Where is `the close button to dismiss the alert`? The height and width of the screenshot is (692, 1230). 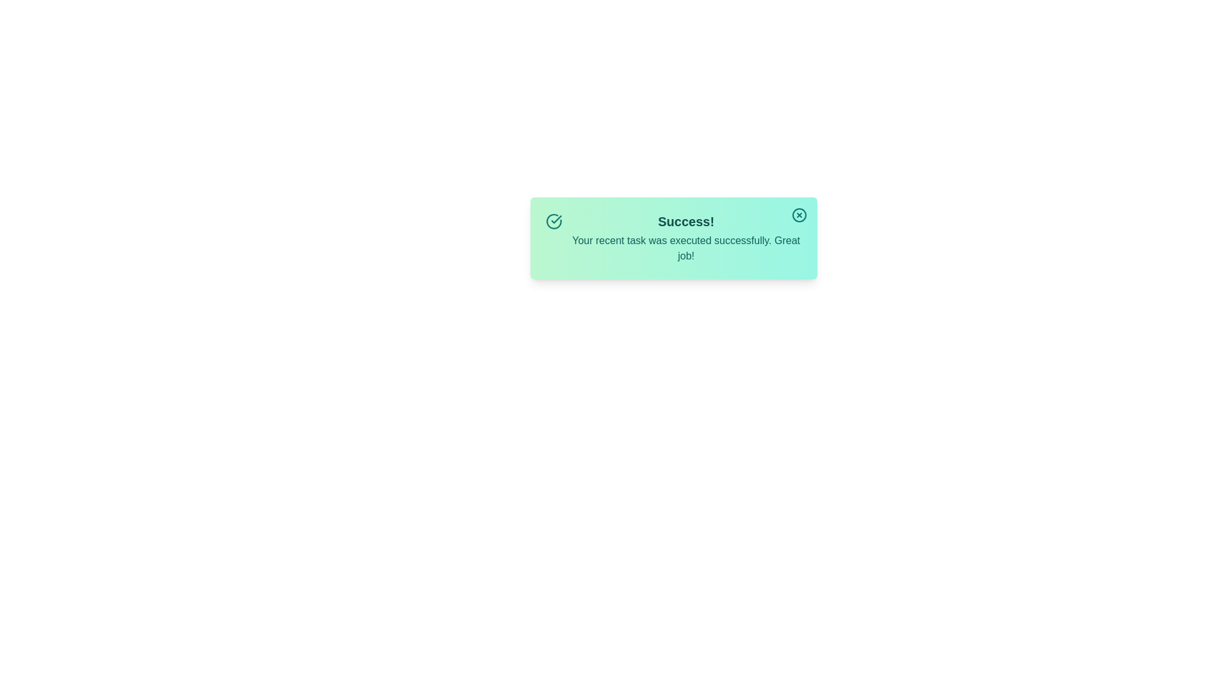 the close button to dismiss the alert is located at coordinates (799, 214).